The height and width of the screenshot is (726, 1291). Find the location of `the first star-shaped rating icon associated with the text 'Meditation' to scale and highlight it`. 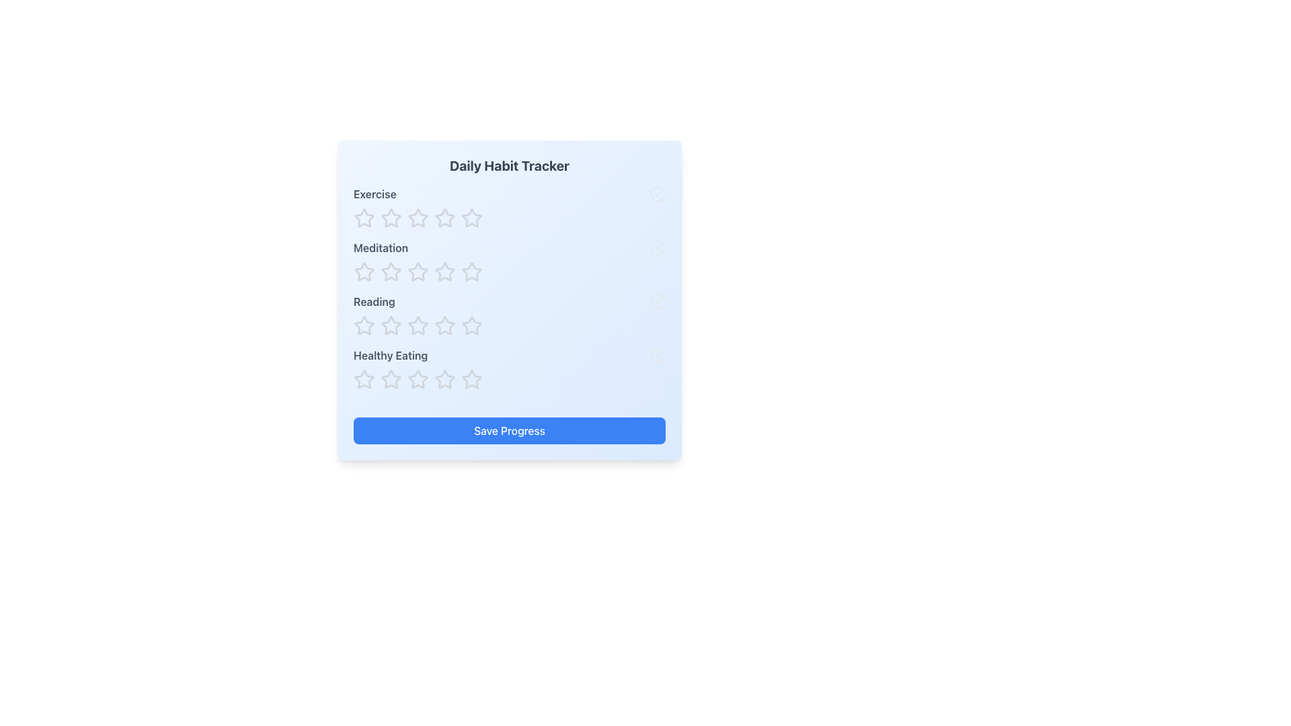

the first star-shaped rating icon associated with the text 'Meditation' to scale and highlight it is located at coordinates (364, 272).